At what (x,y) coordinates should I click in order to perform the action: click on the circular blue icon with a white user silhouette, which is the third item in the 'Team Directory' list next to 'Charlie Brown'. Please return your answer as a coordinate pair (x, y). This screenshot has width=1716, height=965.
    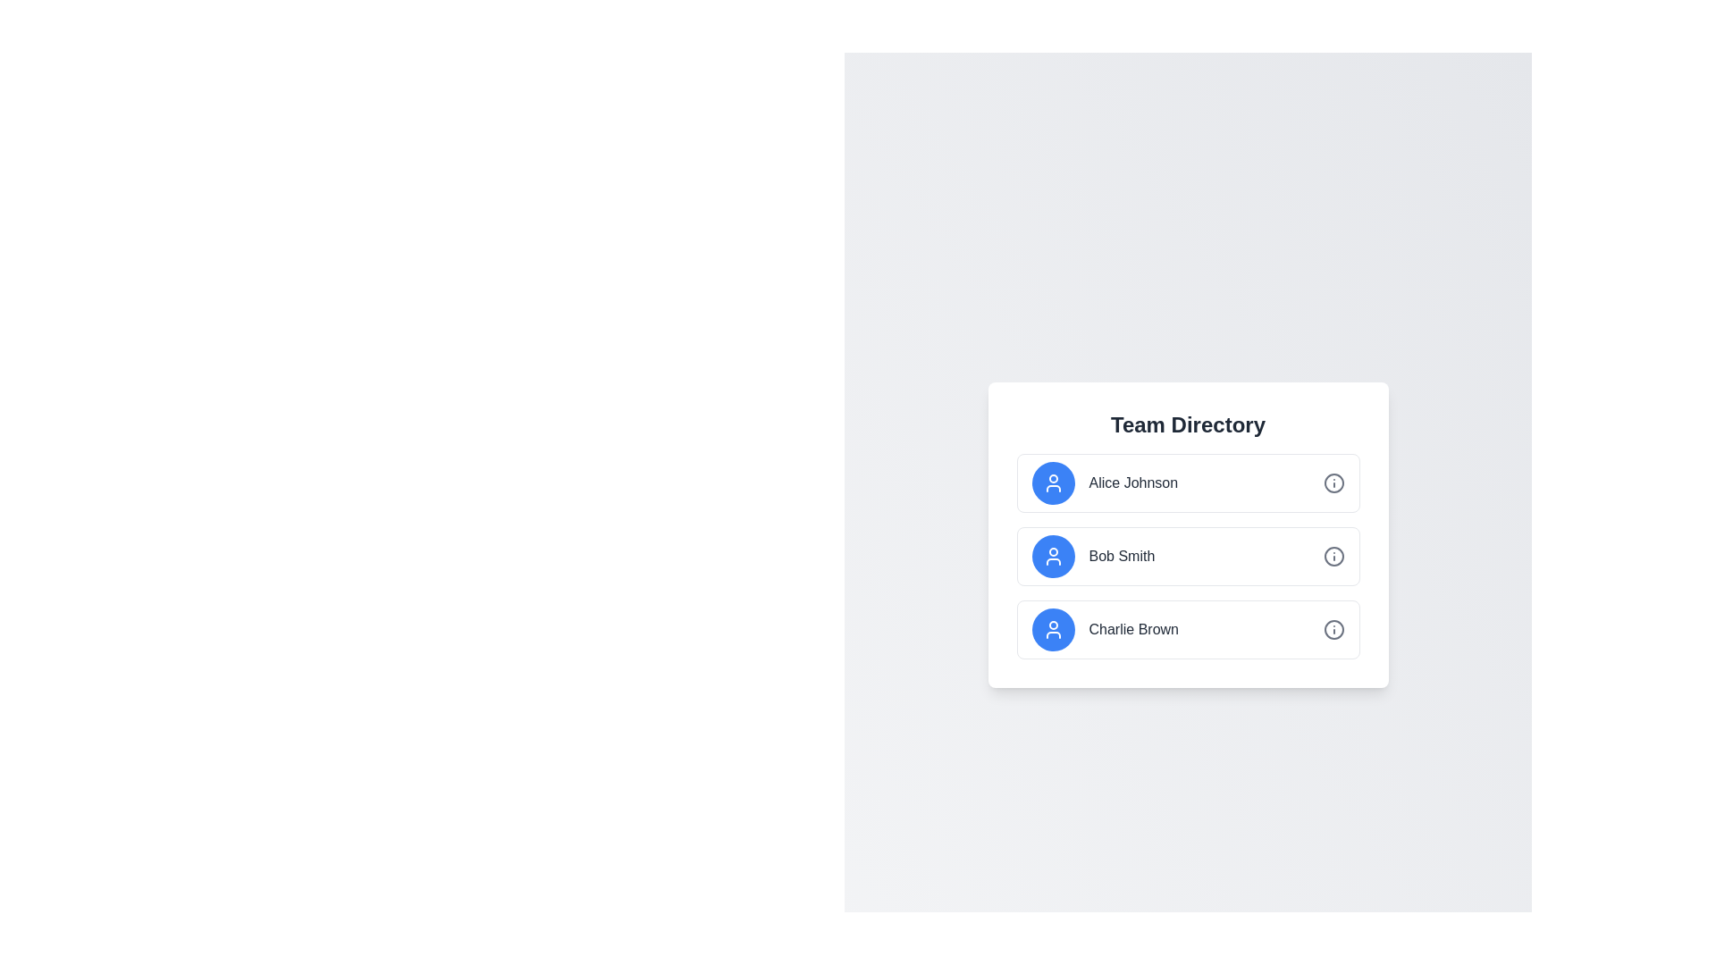
    Looking at the image, I should click on (1053, 629).